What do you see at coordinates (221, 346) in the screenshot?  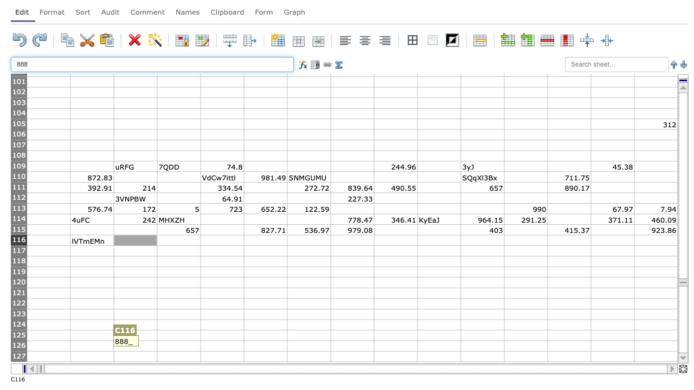 I see `E-126` at bounding box center [221, 346].